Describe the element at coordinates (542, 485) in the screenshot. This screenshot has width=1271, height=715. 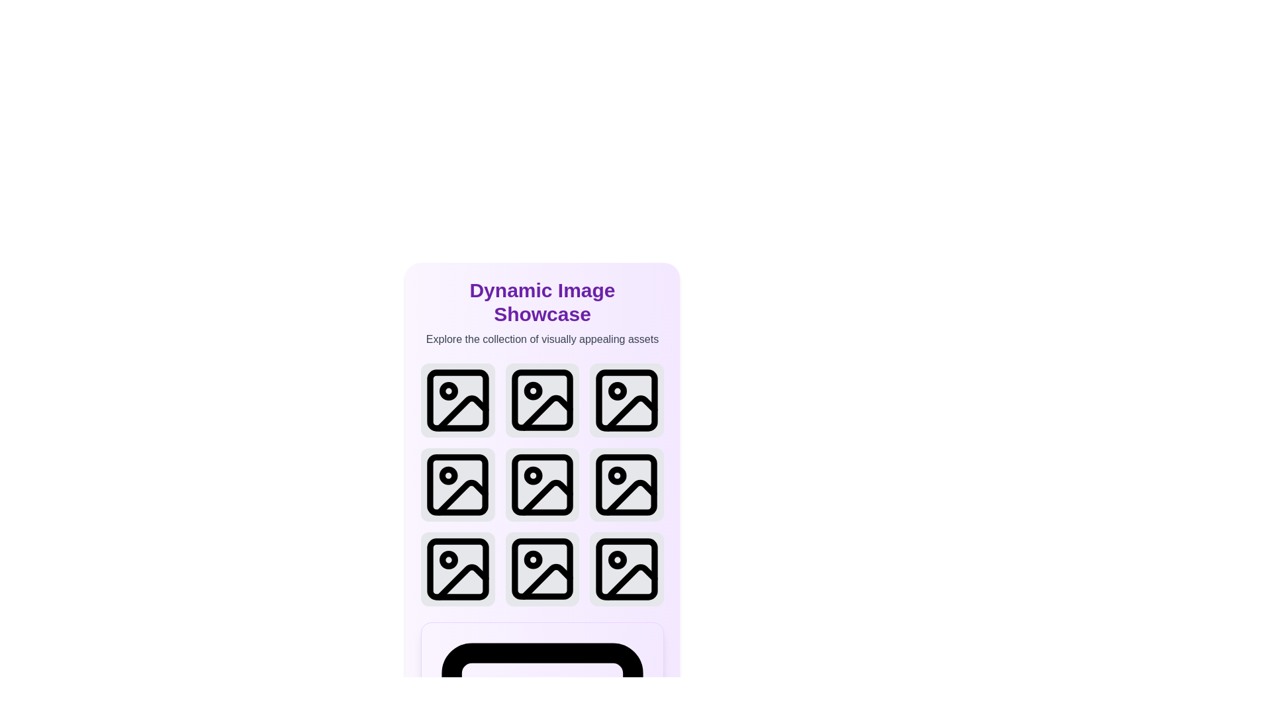
I see `the grid cell in the center row and column of the grid layout that contains an image placeholder` at that location.